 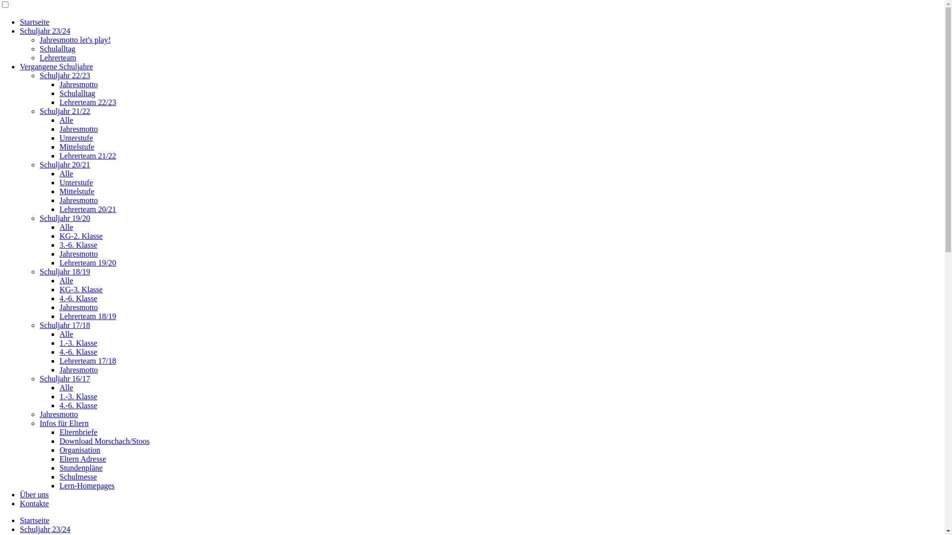 I want to click on 'Lehrerteam 21/22', so click(x=88, y=156).